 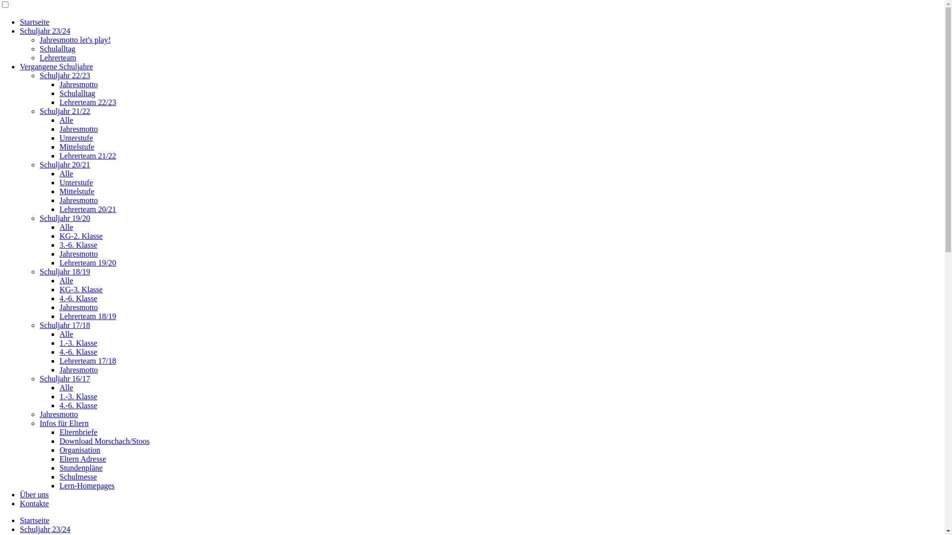 I want to click on 'Lehrerteam 21/22', so click(x=88, y=156).